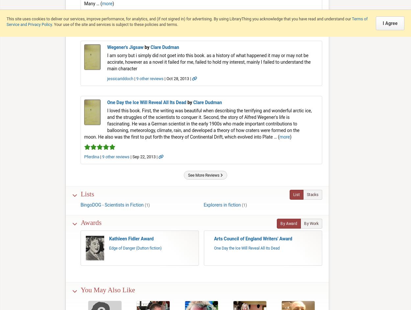 The image size is (411, 310). Describe the element at coordinates (84, 157) in the screenshot. I see `'Pferdina'` at that location.